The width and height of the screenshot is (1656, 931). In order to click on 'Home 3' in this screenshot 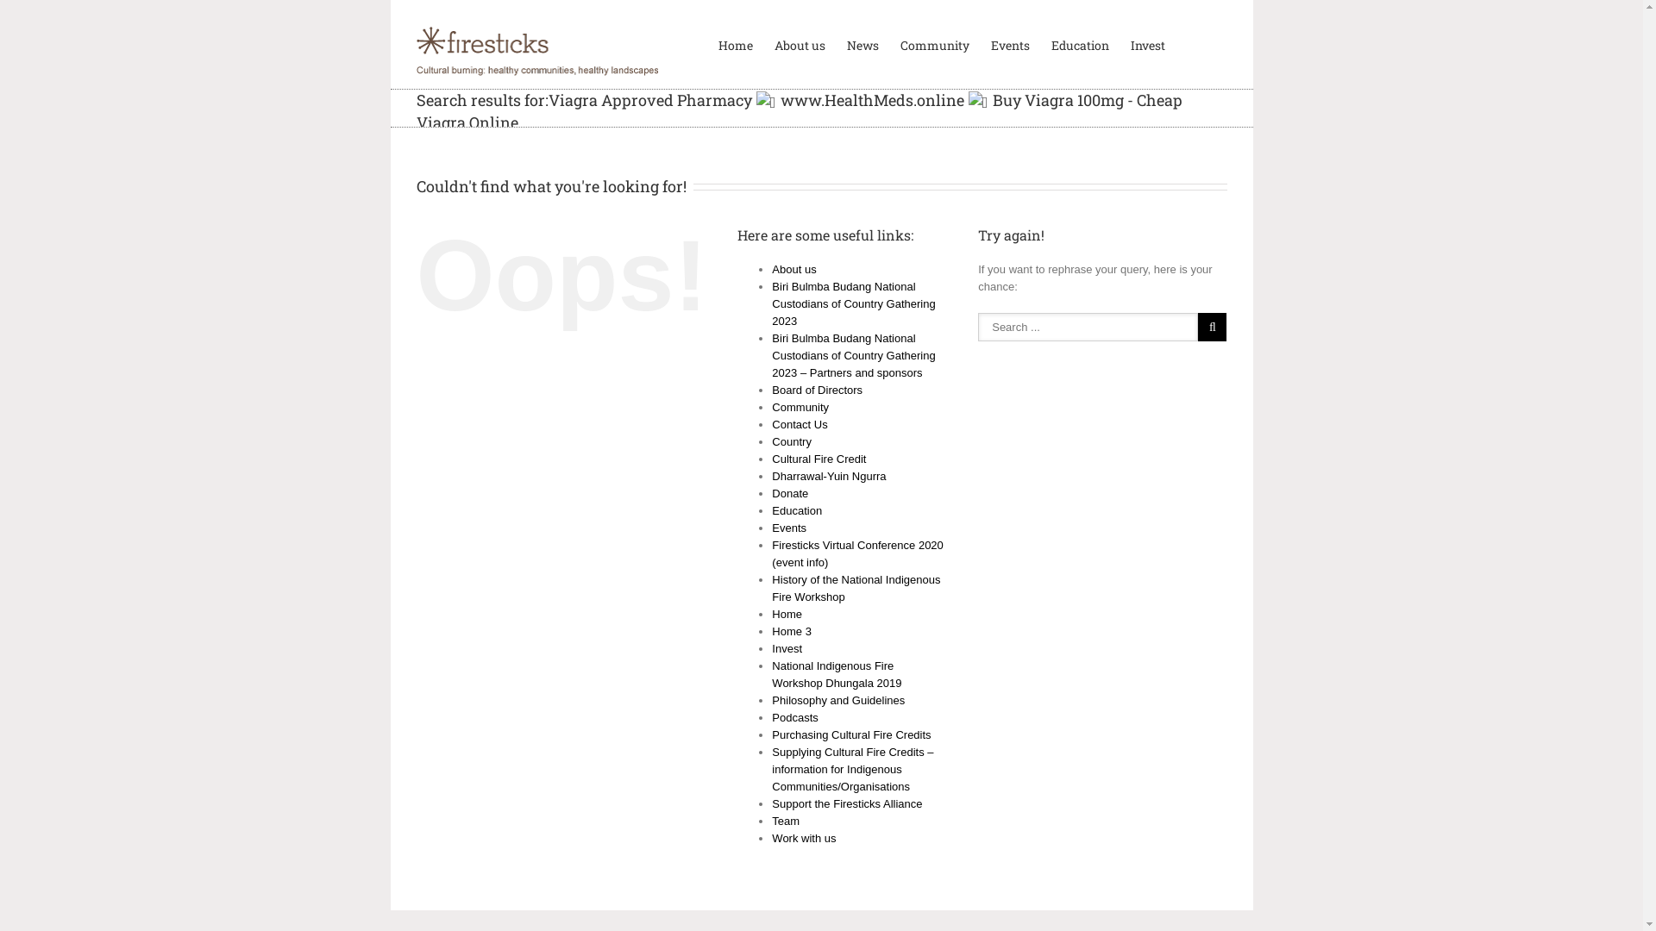, I will do `click(790, 631)`.